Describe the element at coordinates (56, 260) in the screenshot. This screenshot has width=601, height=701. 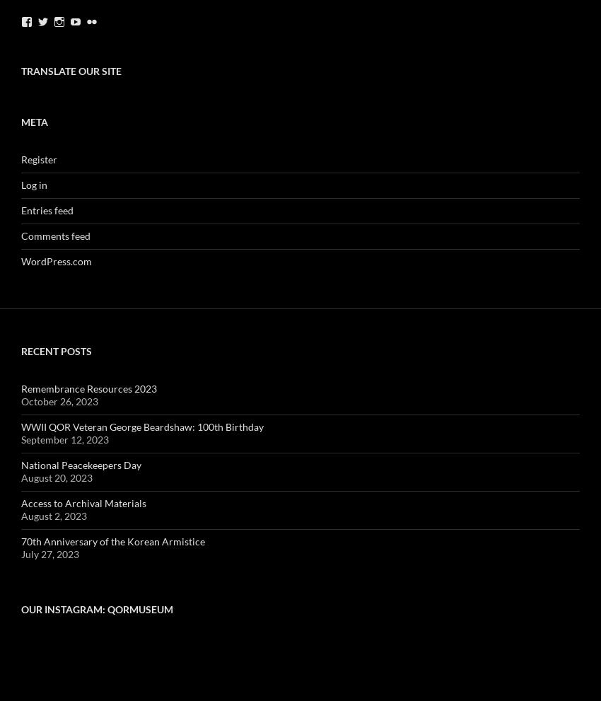
I see `'WordPress.com'` at that location.